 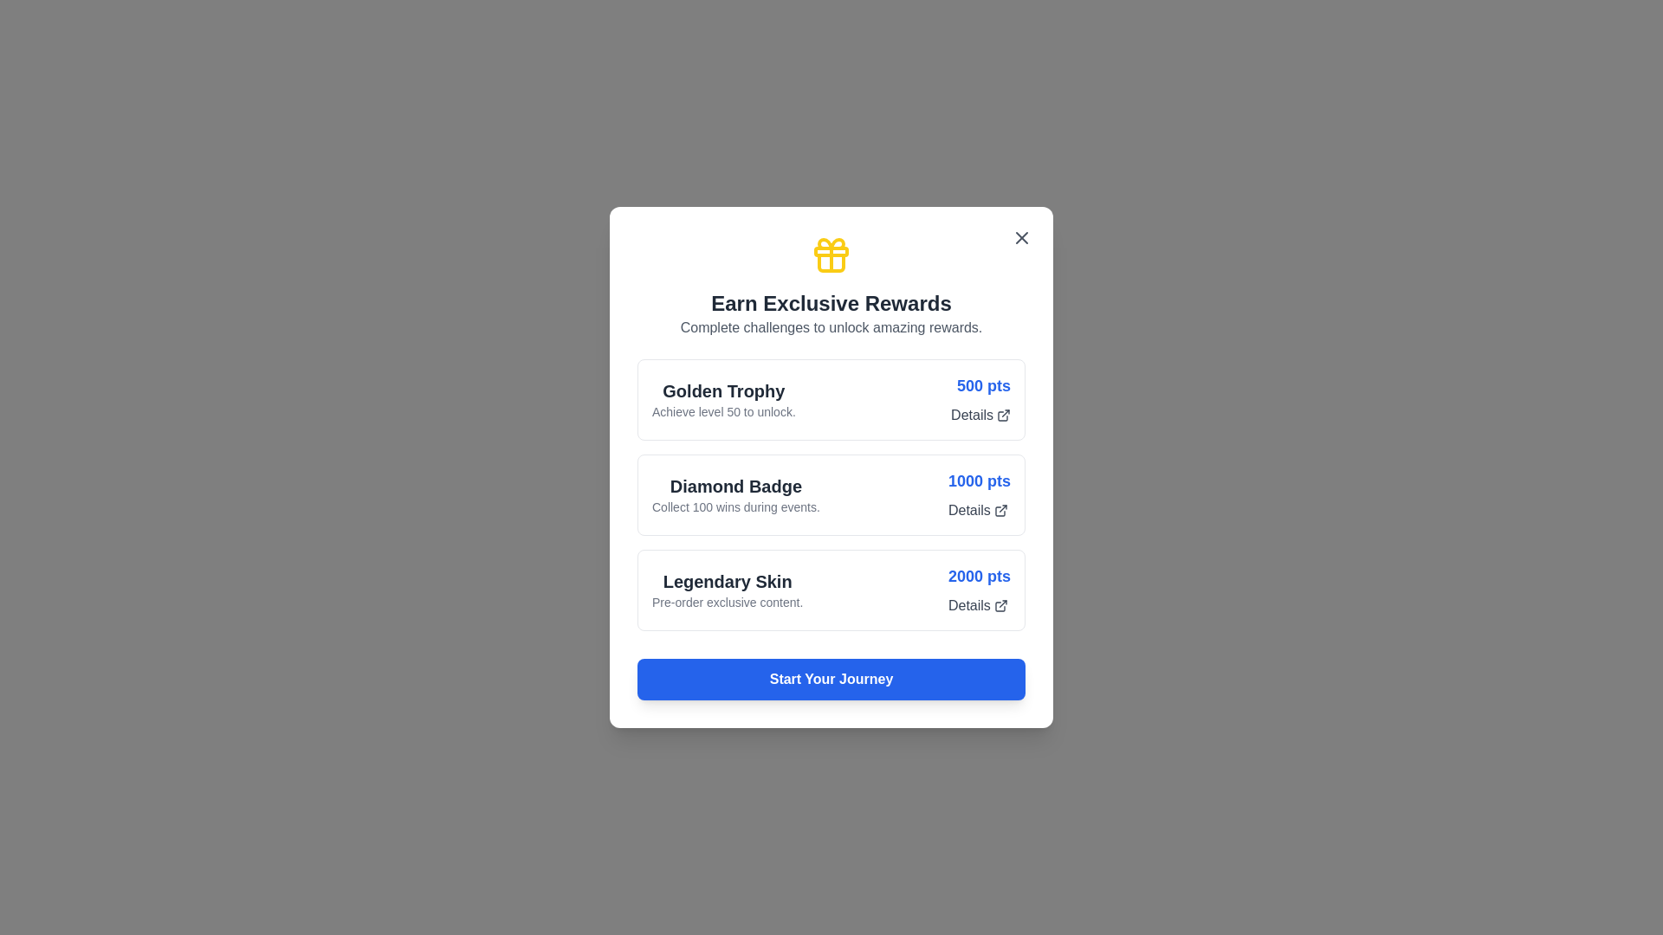 What do you see at coordinates (980, 480) in the screenshot?
I see `the text label displaying '1000 pts' in bold blue color, which is the second reward item in the vertical list, located to the right of 'Diamond Badge' and above the 'Details' link` at bounding box center [980, 480].